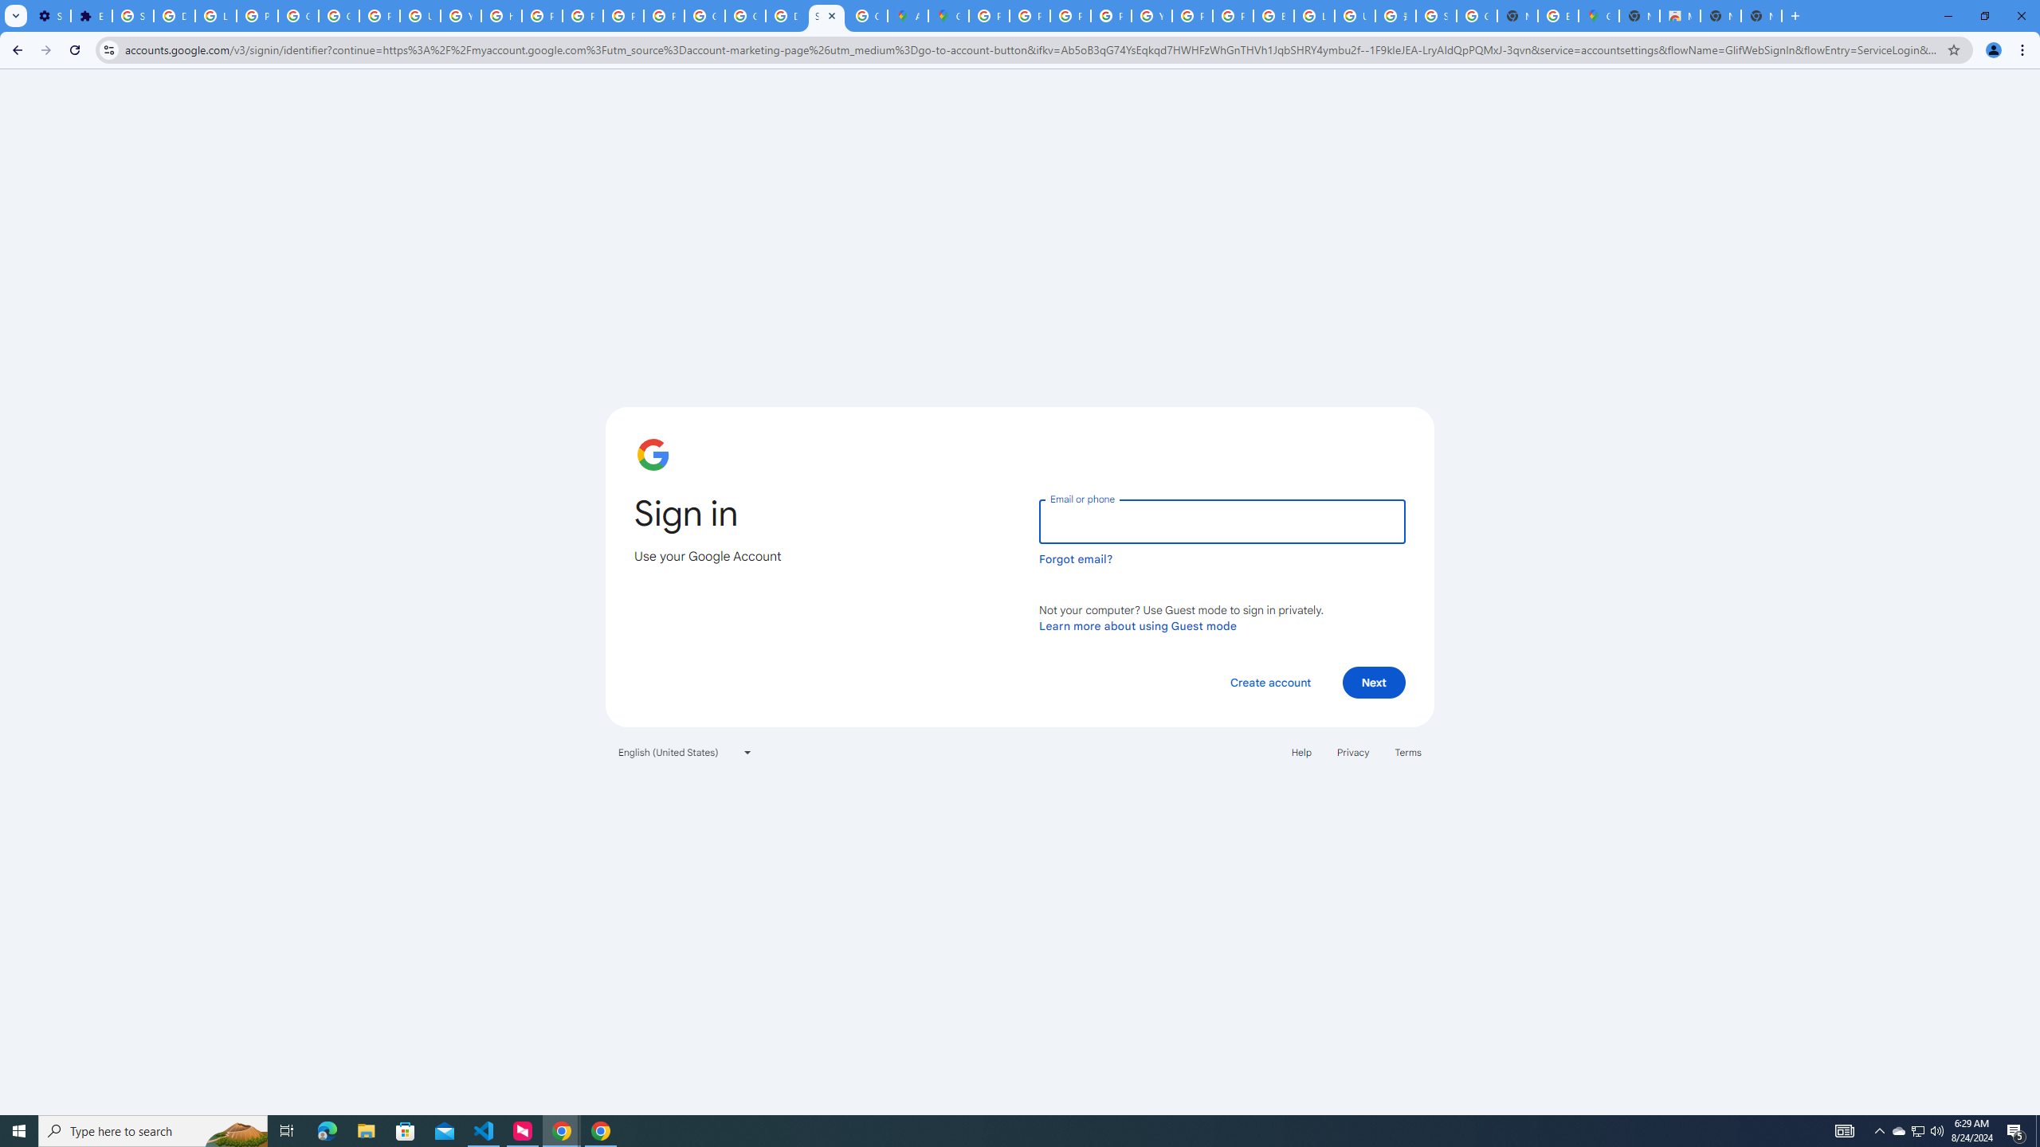 This screenshot has width=2040, height=1147. I want to click on 'Terms', so click(1407, 750).